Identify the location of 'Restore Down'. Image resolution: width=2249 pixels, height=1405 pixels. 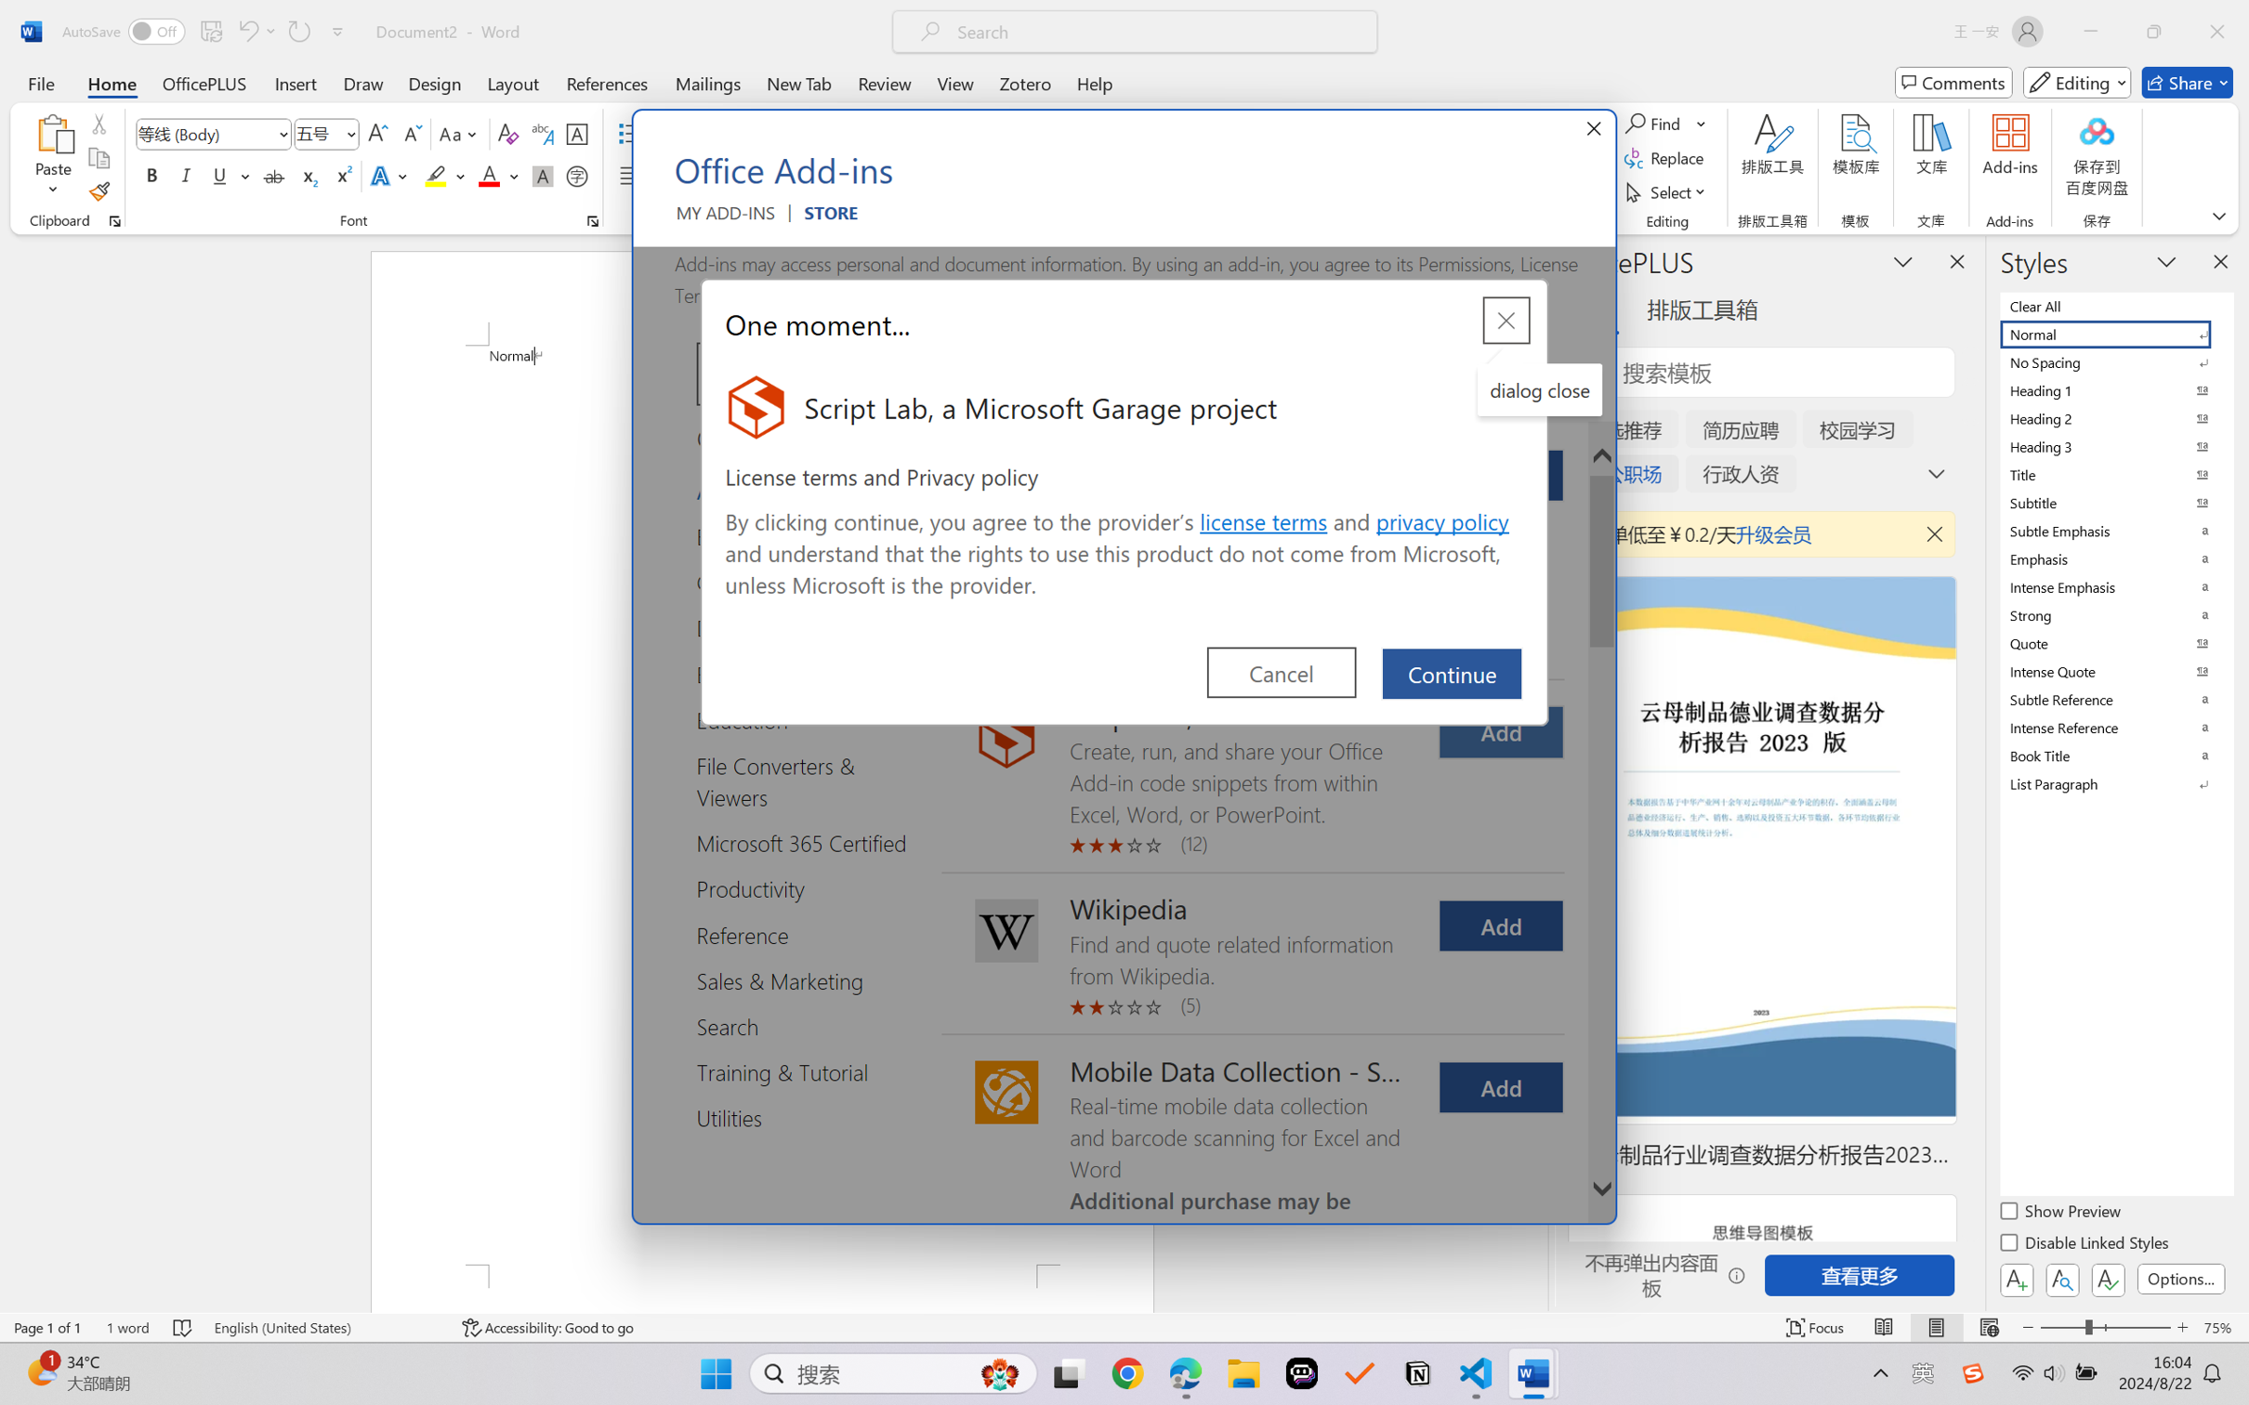
(2154, 31).